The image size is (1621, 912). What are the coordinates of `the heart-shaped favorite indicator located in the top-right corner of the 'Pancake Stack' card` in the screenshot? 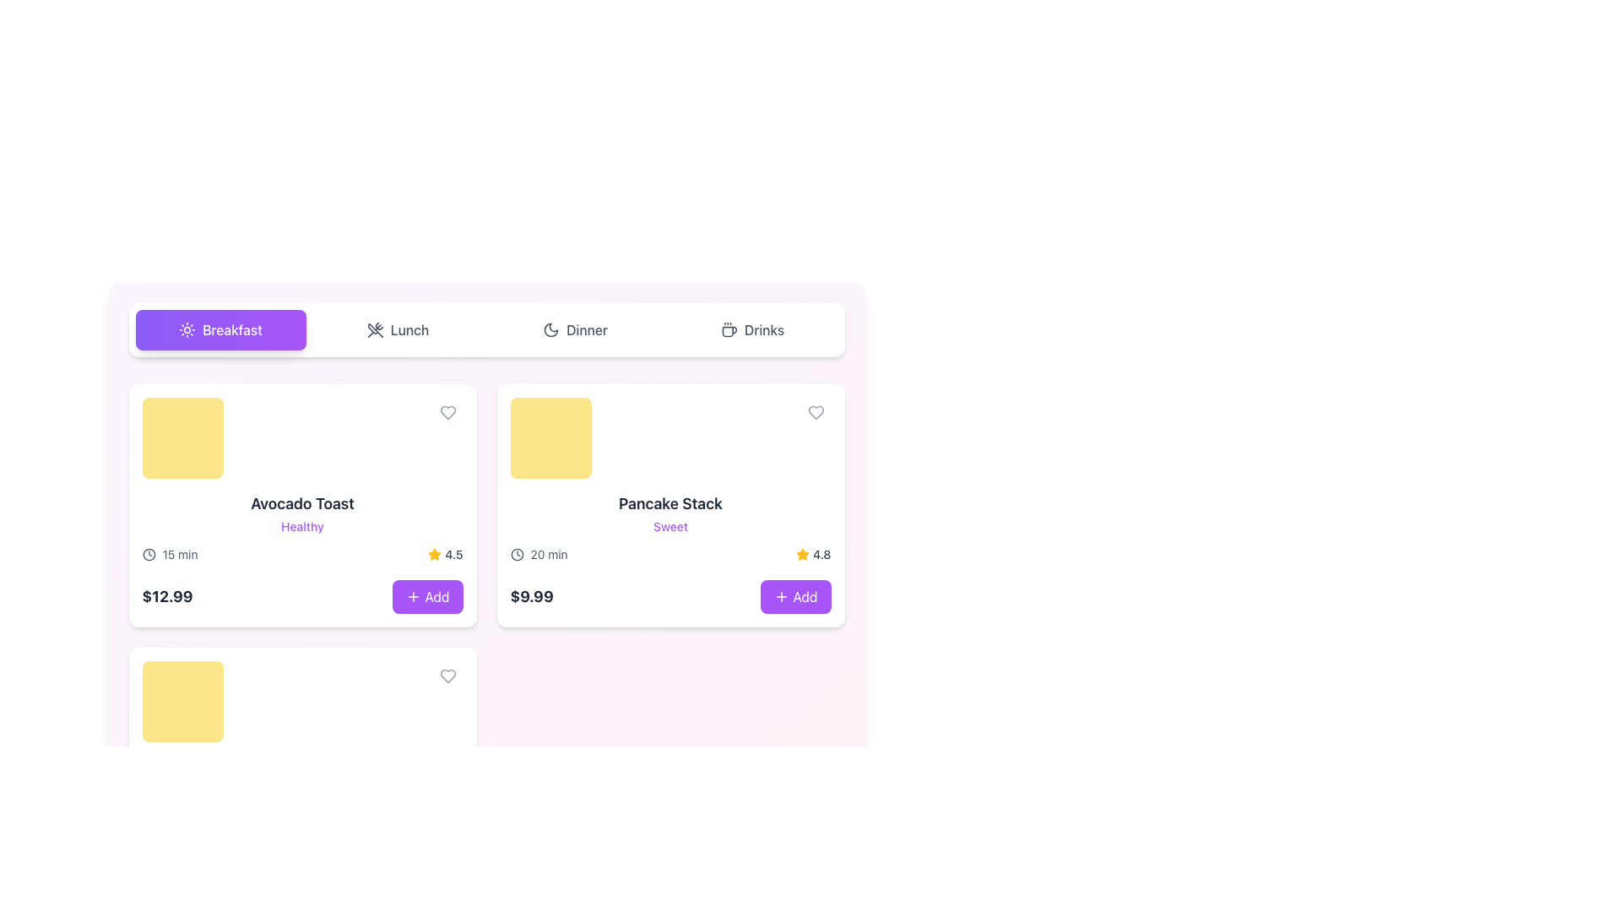 It's located at (816, 413).